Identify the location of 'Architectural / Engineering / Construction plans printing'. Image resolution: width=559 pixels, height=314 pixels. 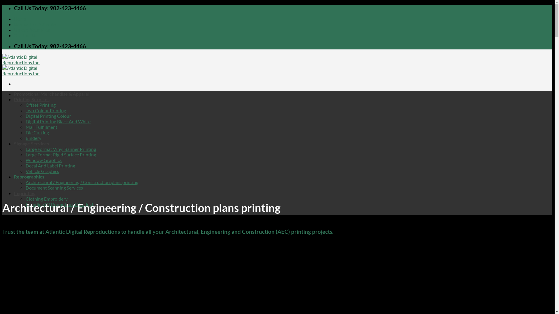
(82, 182).